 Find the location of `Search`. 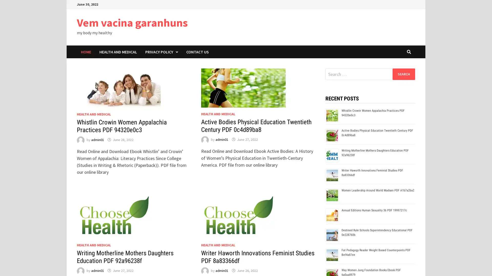

Search is located at coordinates (403, 74).